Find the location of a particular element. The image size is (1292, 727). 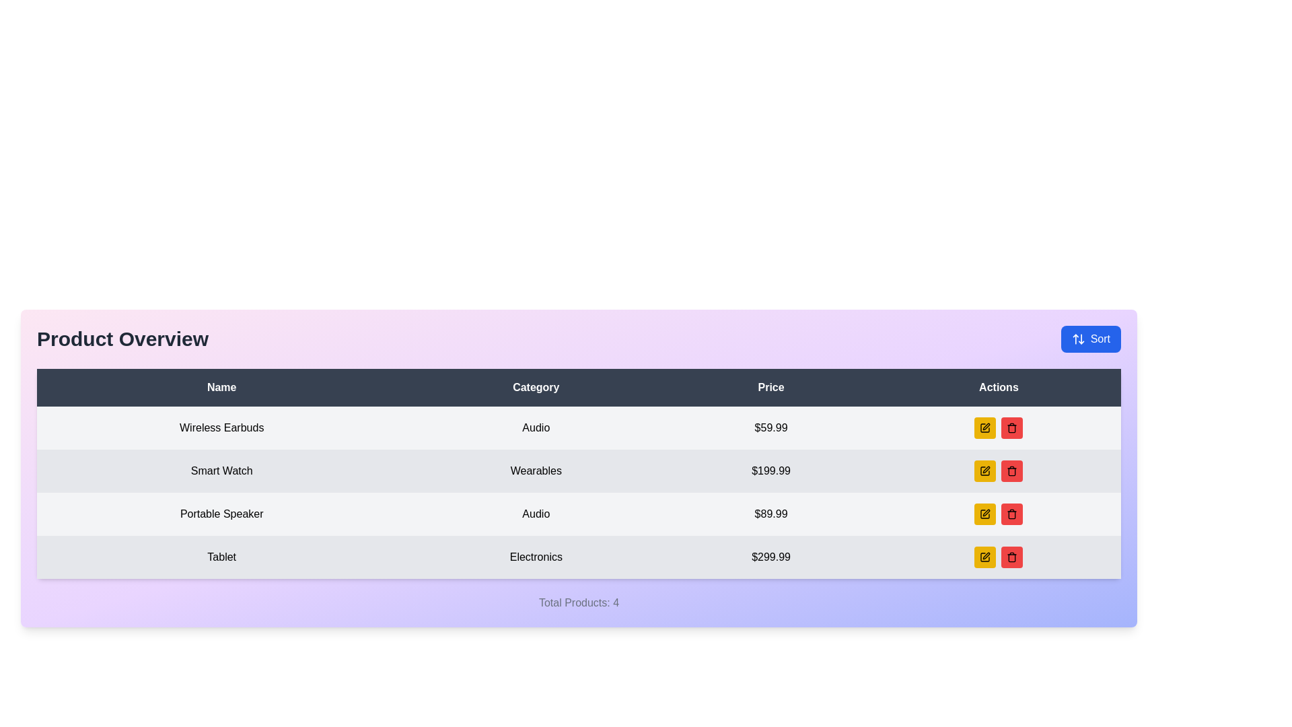

the second row in the 'Product Overview' table that lists the product 'Smart Watch', which has a light gray background and contains the name, category, and price is located at coordinates (579, 470).